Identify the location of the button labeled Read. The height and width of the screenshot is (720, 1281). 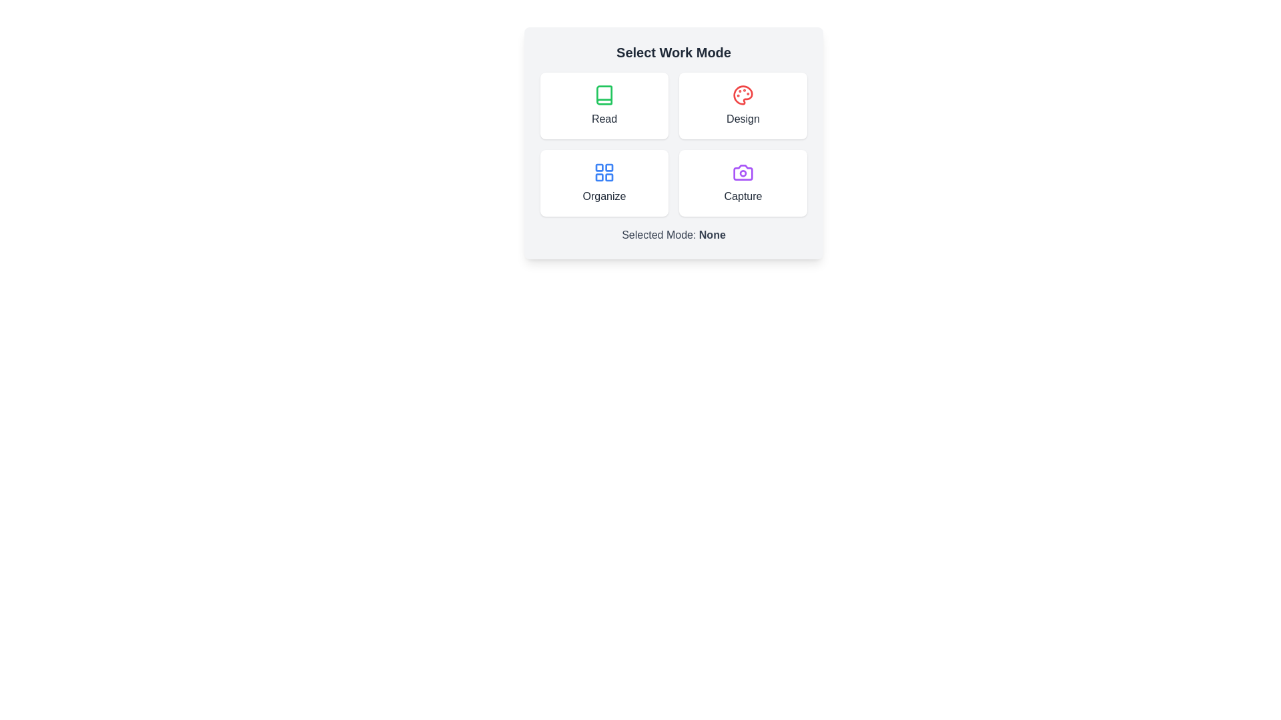
(604, 105).